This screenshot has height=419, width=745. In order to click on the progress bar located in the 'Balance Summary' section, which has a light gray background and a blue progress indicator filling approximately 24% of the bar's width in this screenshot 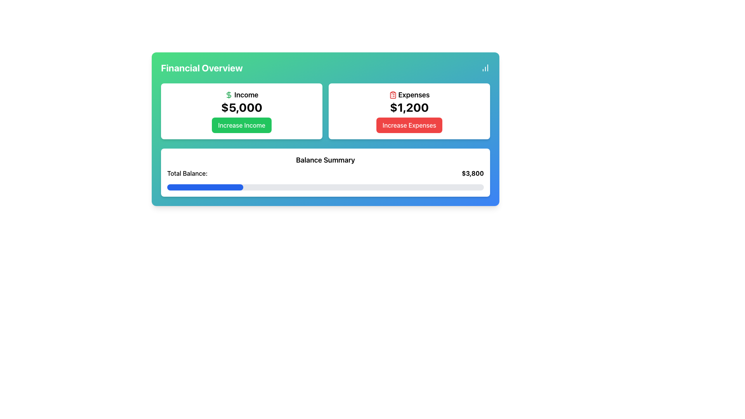, I will do `click(326, 187)`.